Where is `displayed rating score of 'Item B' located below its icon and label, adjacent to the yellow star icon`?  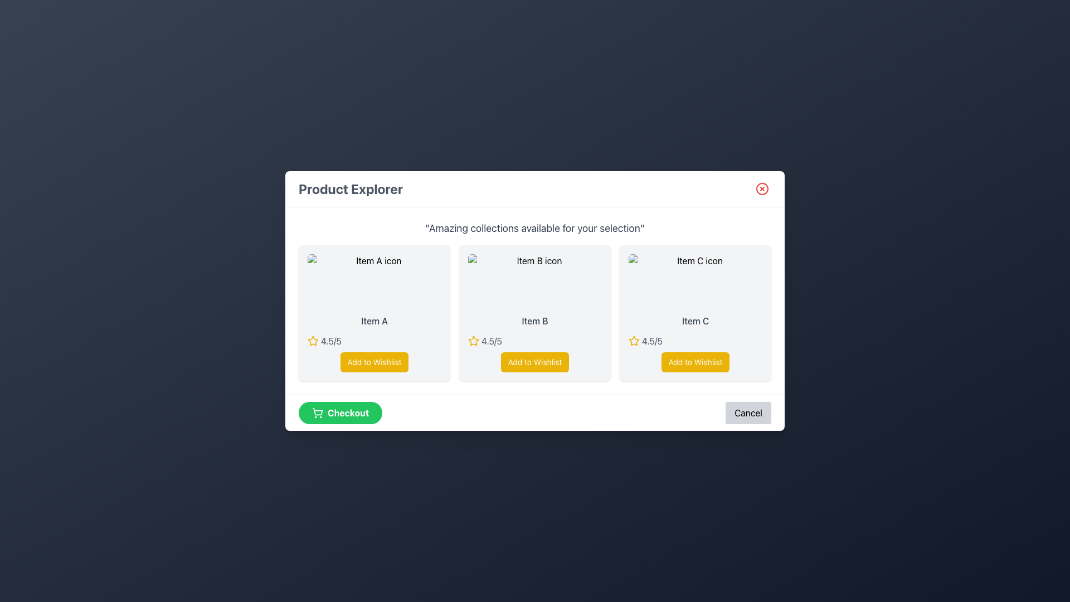 displayed rating score of 'Item B' located below its icon and label, adjacent to the yellow star icon is located at coordinates (491, 341).